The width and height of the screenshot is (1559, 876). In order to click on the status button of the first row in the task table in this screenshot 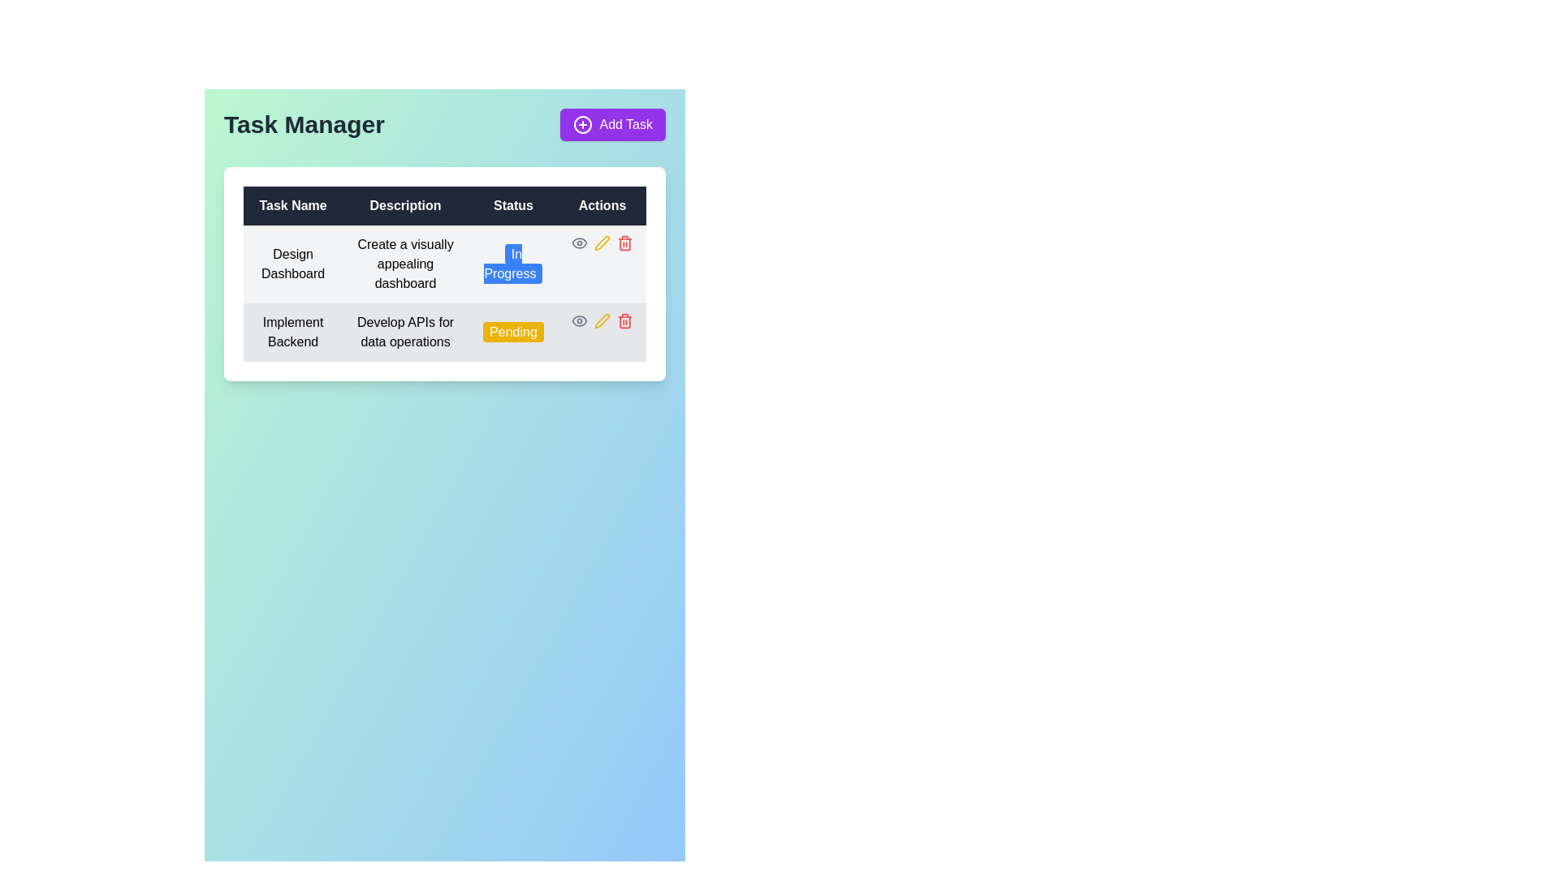, I will do `click(444, 294)`.